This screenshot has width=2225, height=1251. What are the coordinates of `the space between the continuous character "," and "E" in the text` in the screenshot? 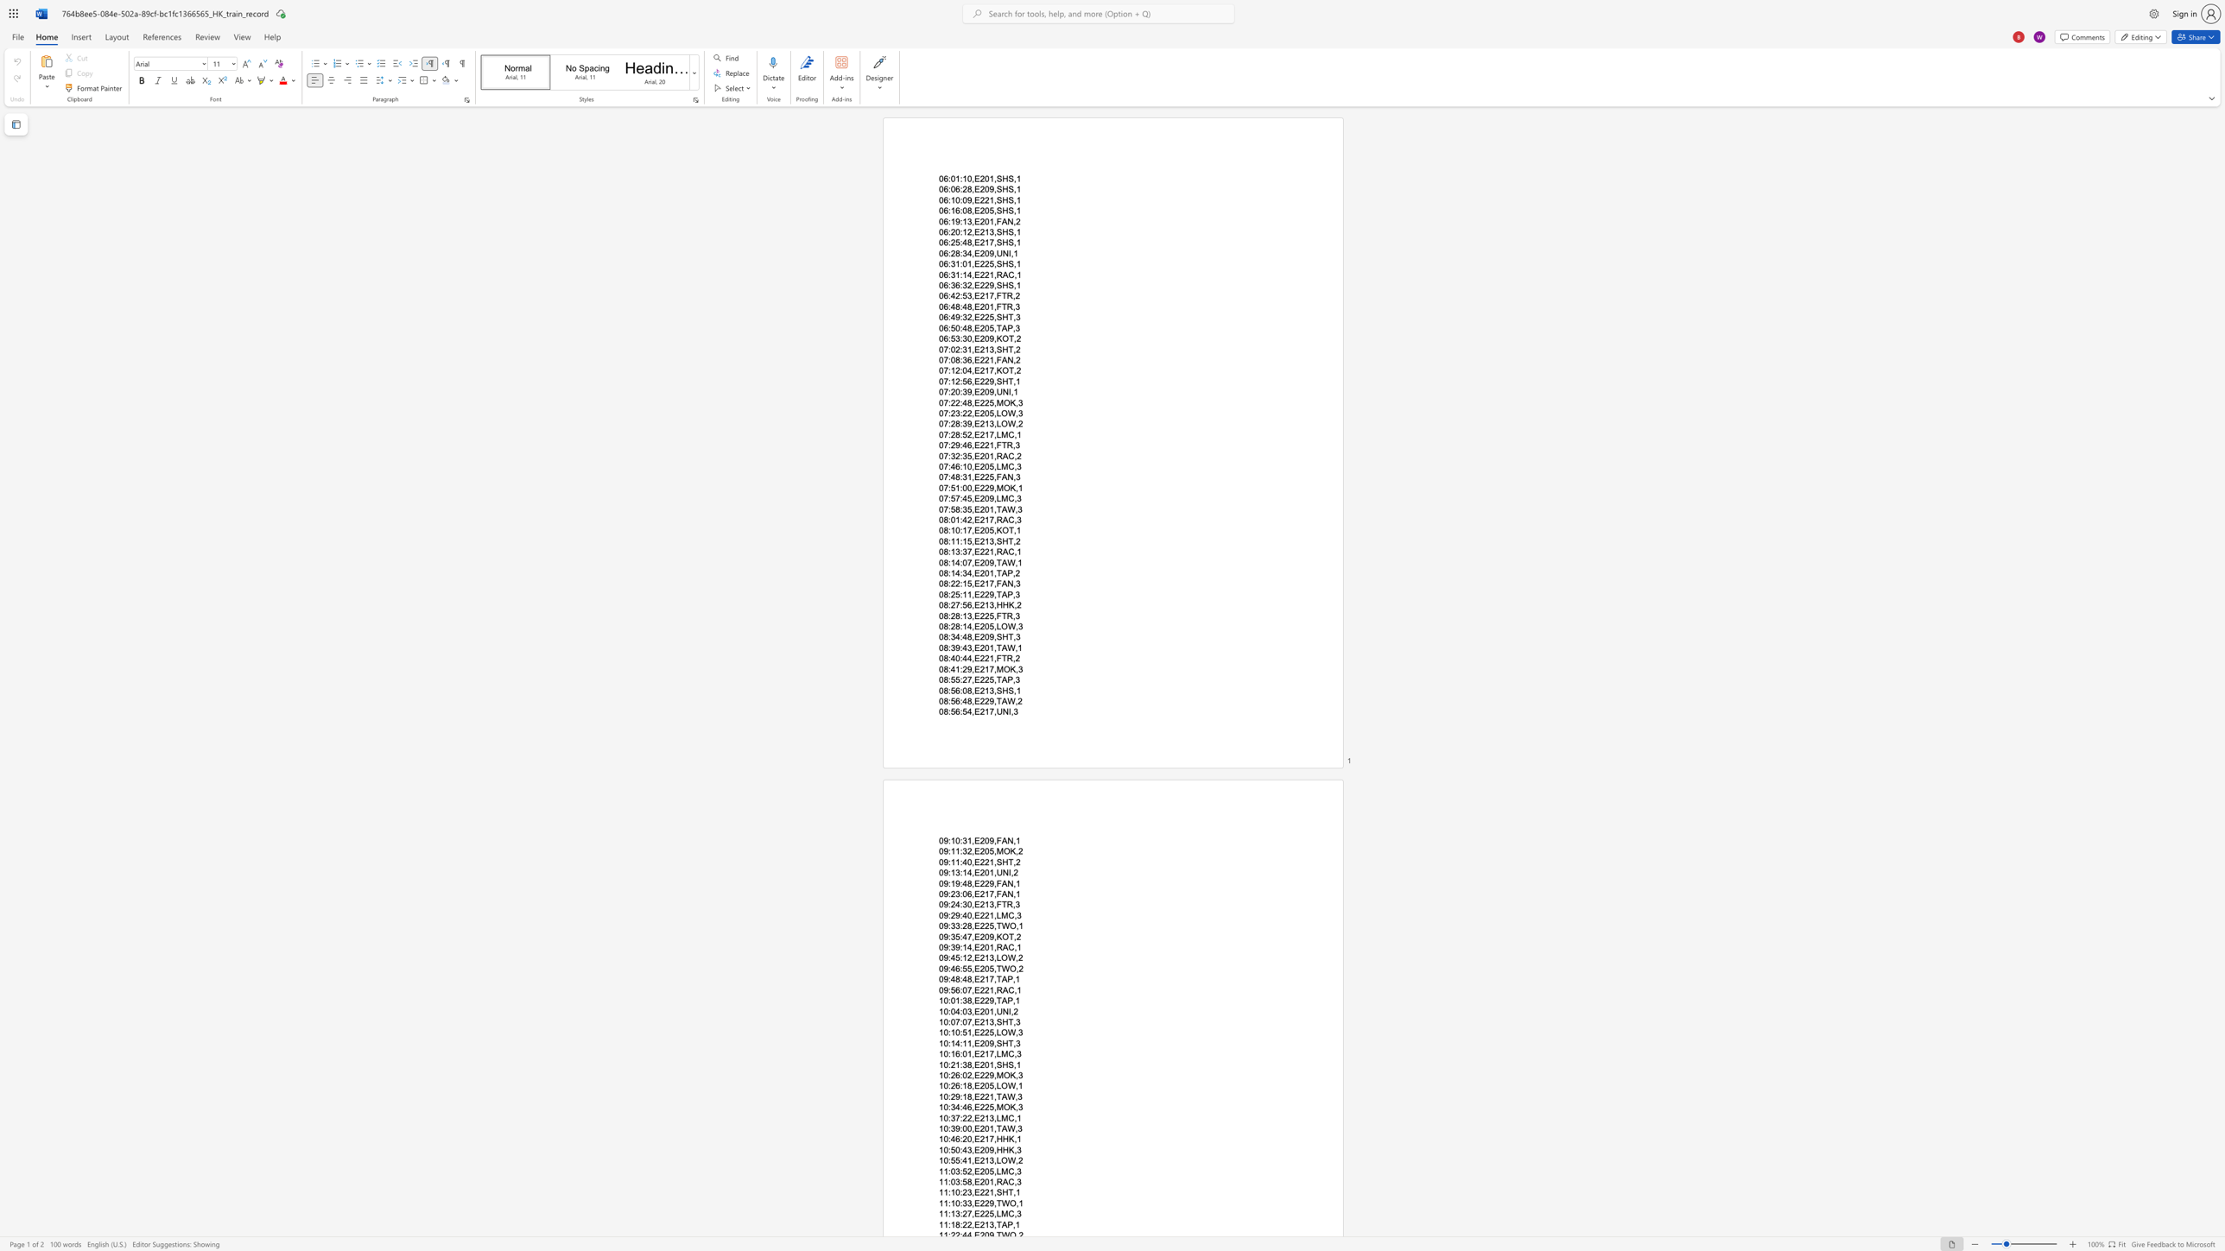 It's located at (974, 1128).